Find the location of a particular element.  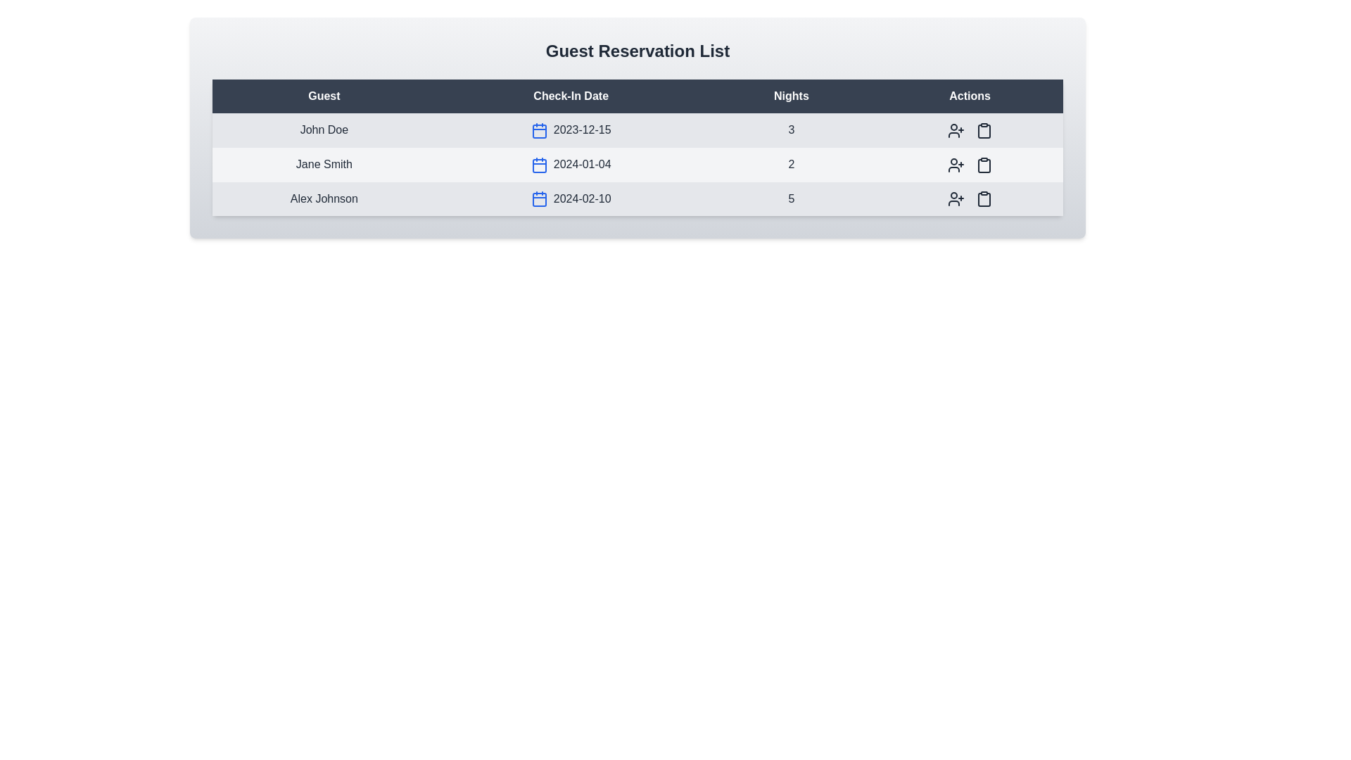

the text label displaying the guest's name in the third row of the reservation list table, located under the 'Guest' column, to the left of '2024-02-10' in the 'Check-In Date' column is located at coordinates (323, 198).